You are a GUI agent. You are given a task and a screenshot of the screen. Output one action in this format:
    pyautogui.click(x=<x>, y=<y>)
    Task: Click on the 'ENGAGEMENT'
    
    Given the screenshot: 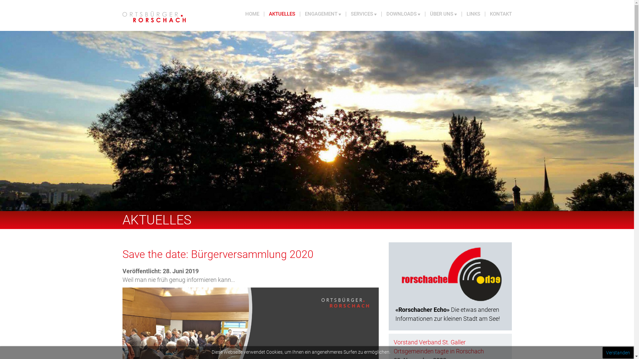 What is the action you would take?
    pyautogui.click(x=323, y=14)
    